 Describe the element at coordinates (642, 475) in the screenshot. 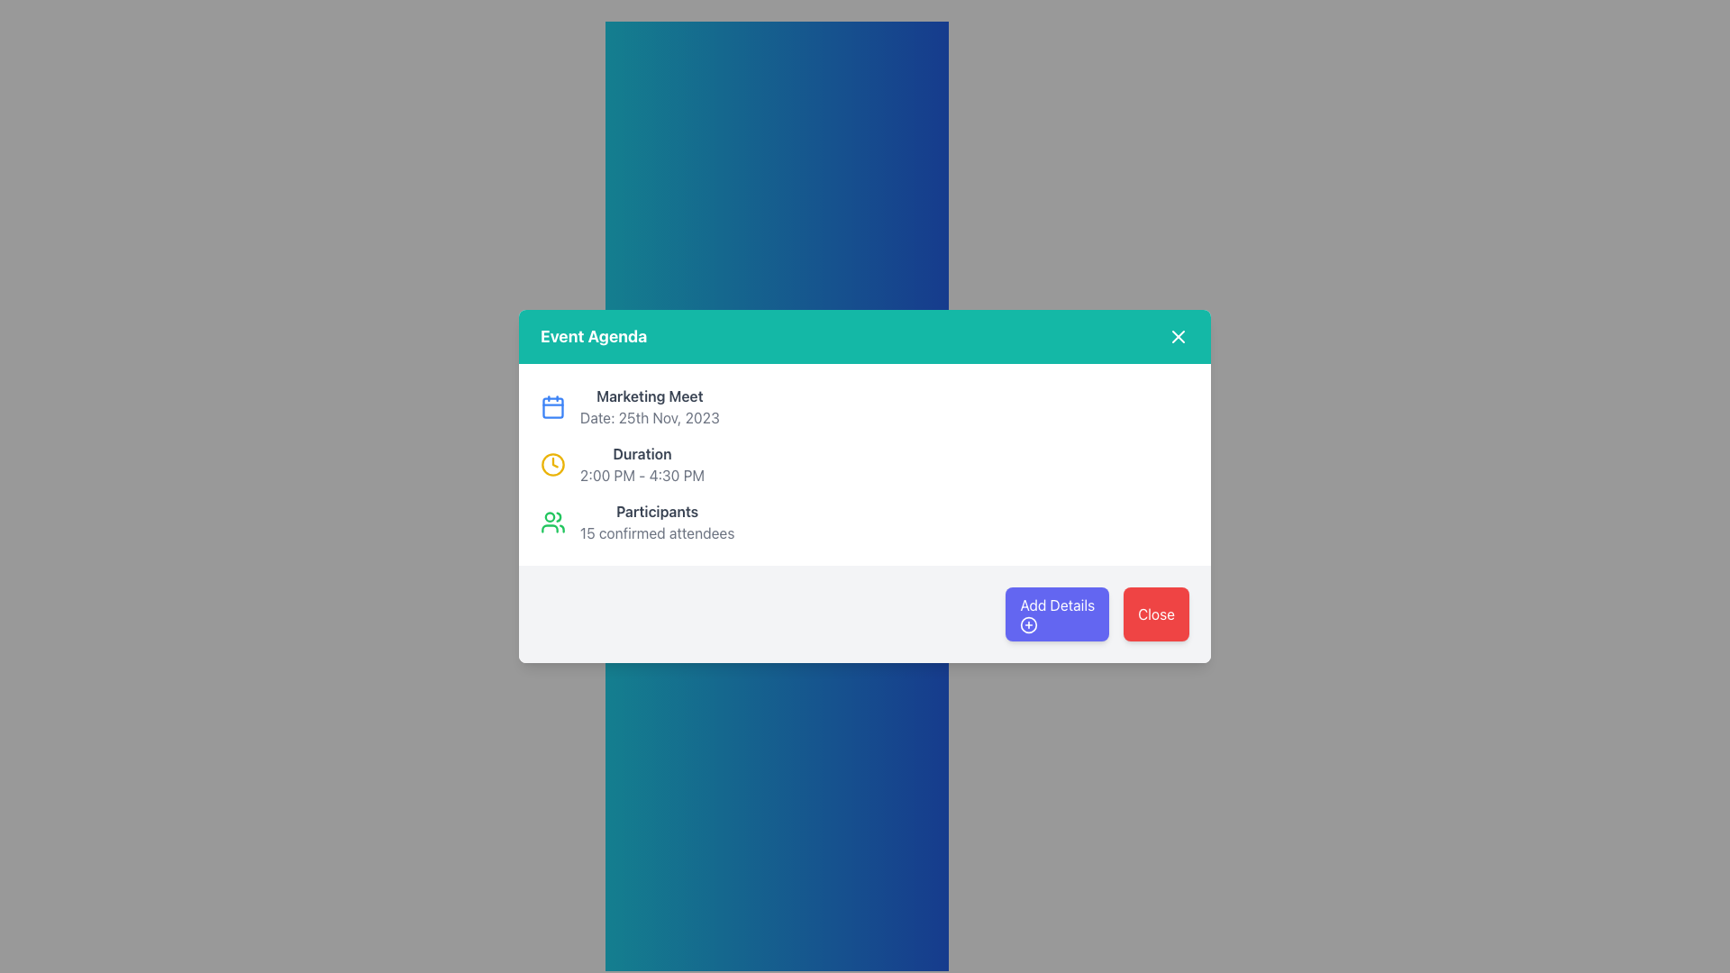

I see `the text label that provides information about the scheduled event's duration, located below the bolded word 'Duration' in the 'Event Agenda' dialog panel` at that location.